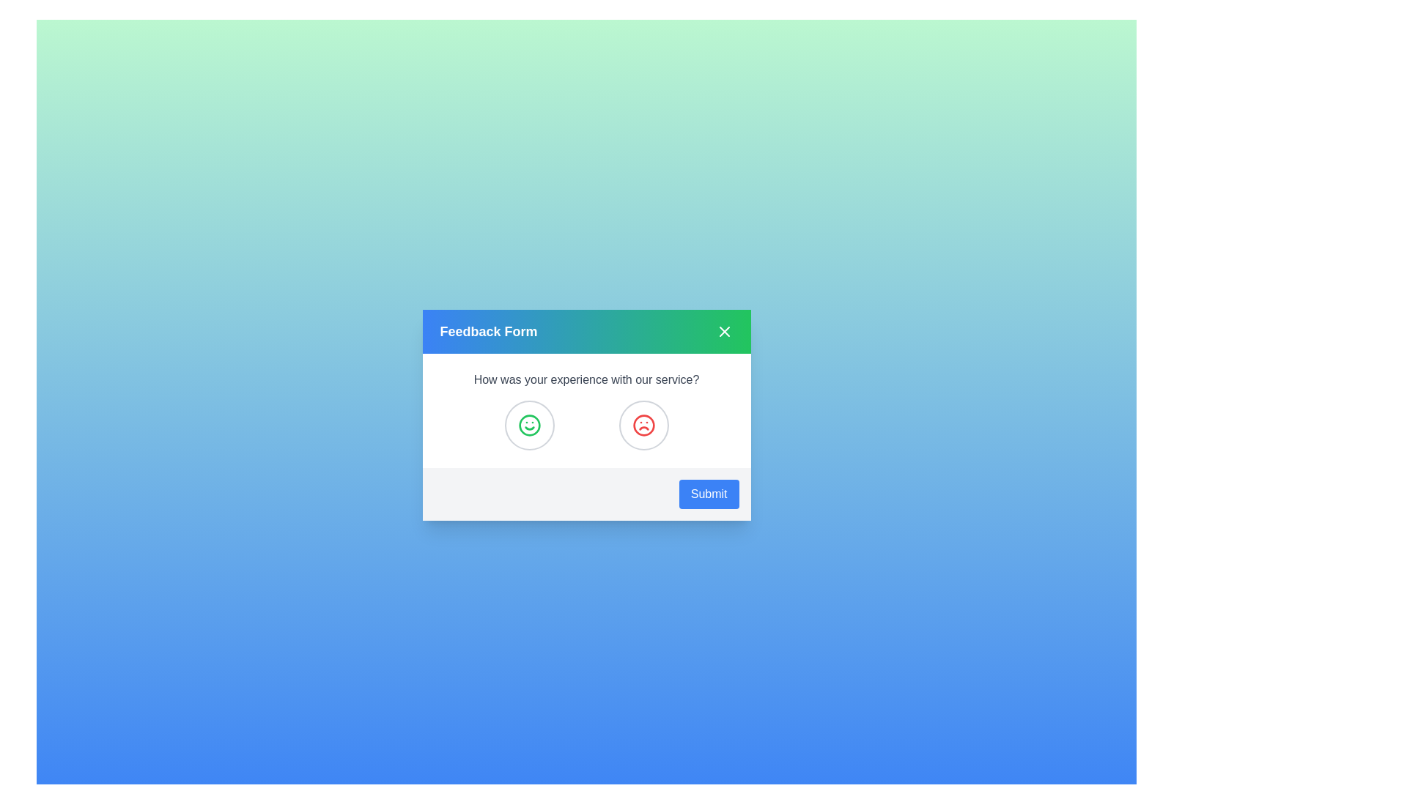 The width and height of the screenshot is (1407, 791). What do you see at coordinates (724, 331) in the screenshot?
I see `the close button in the title bar of the feedback dialog to close it` at bounding box center [724, 331].